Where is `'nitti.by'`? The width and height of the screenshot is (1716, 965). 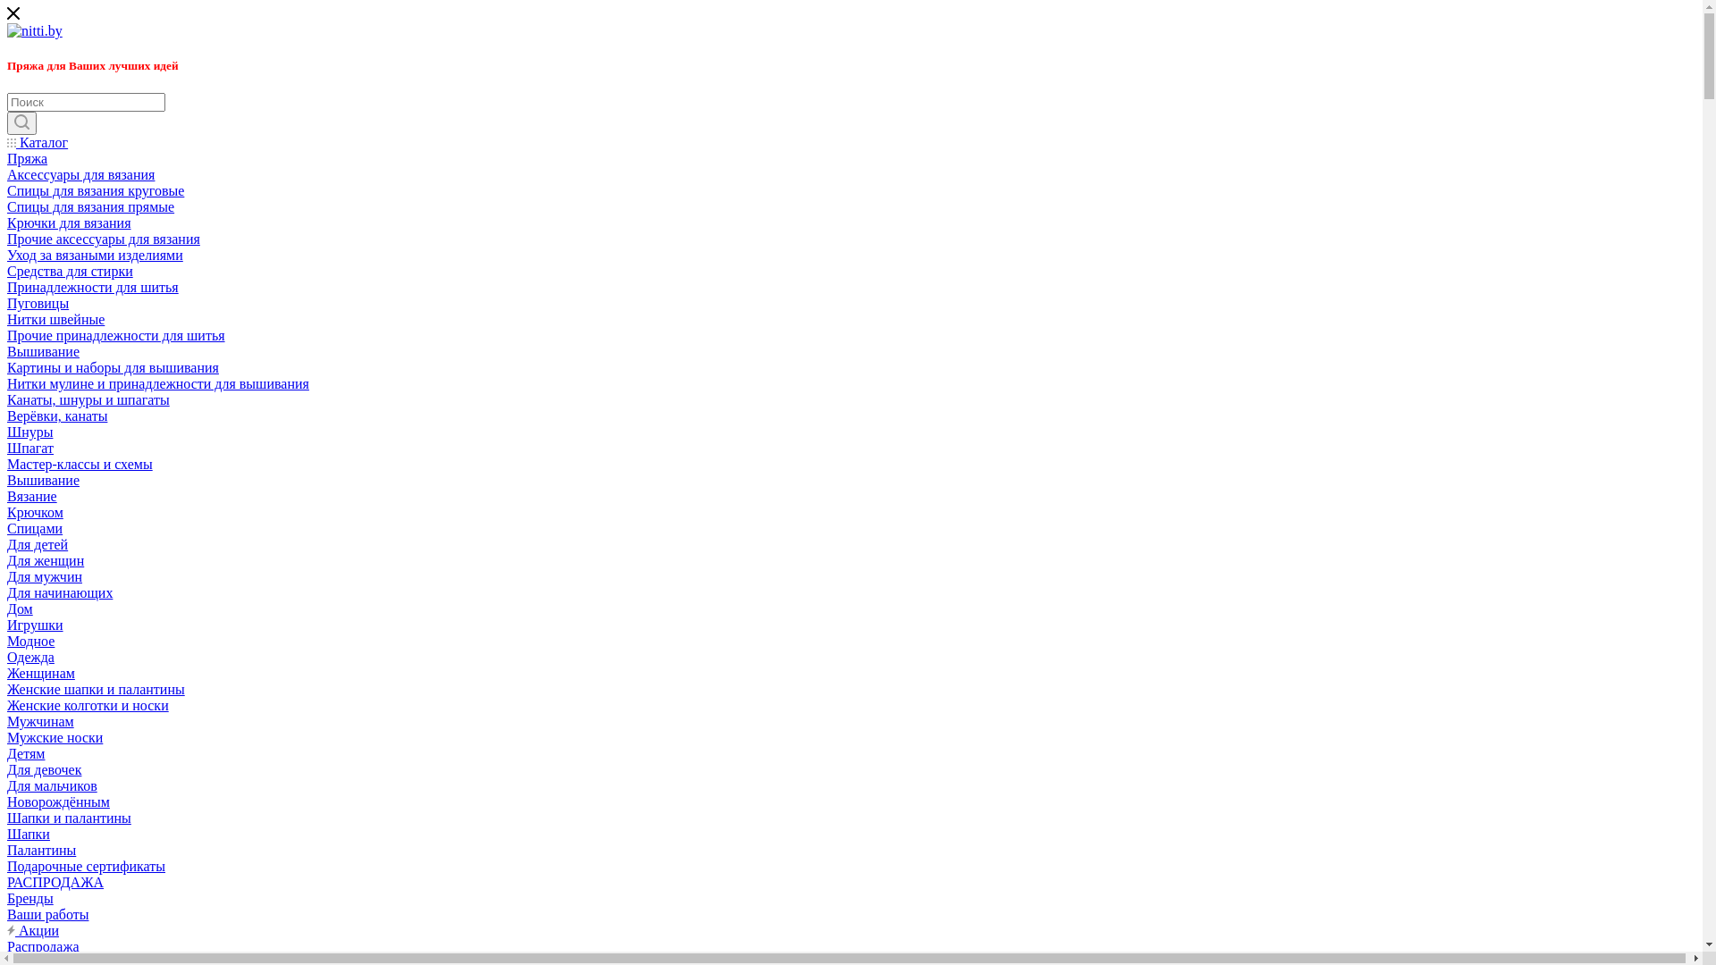
'nitti.by' is located at coordinates (34, 30).